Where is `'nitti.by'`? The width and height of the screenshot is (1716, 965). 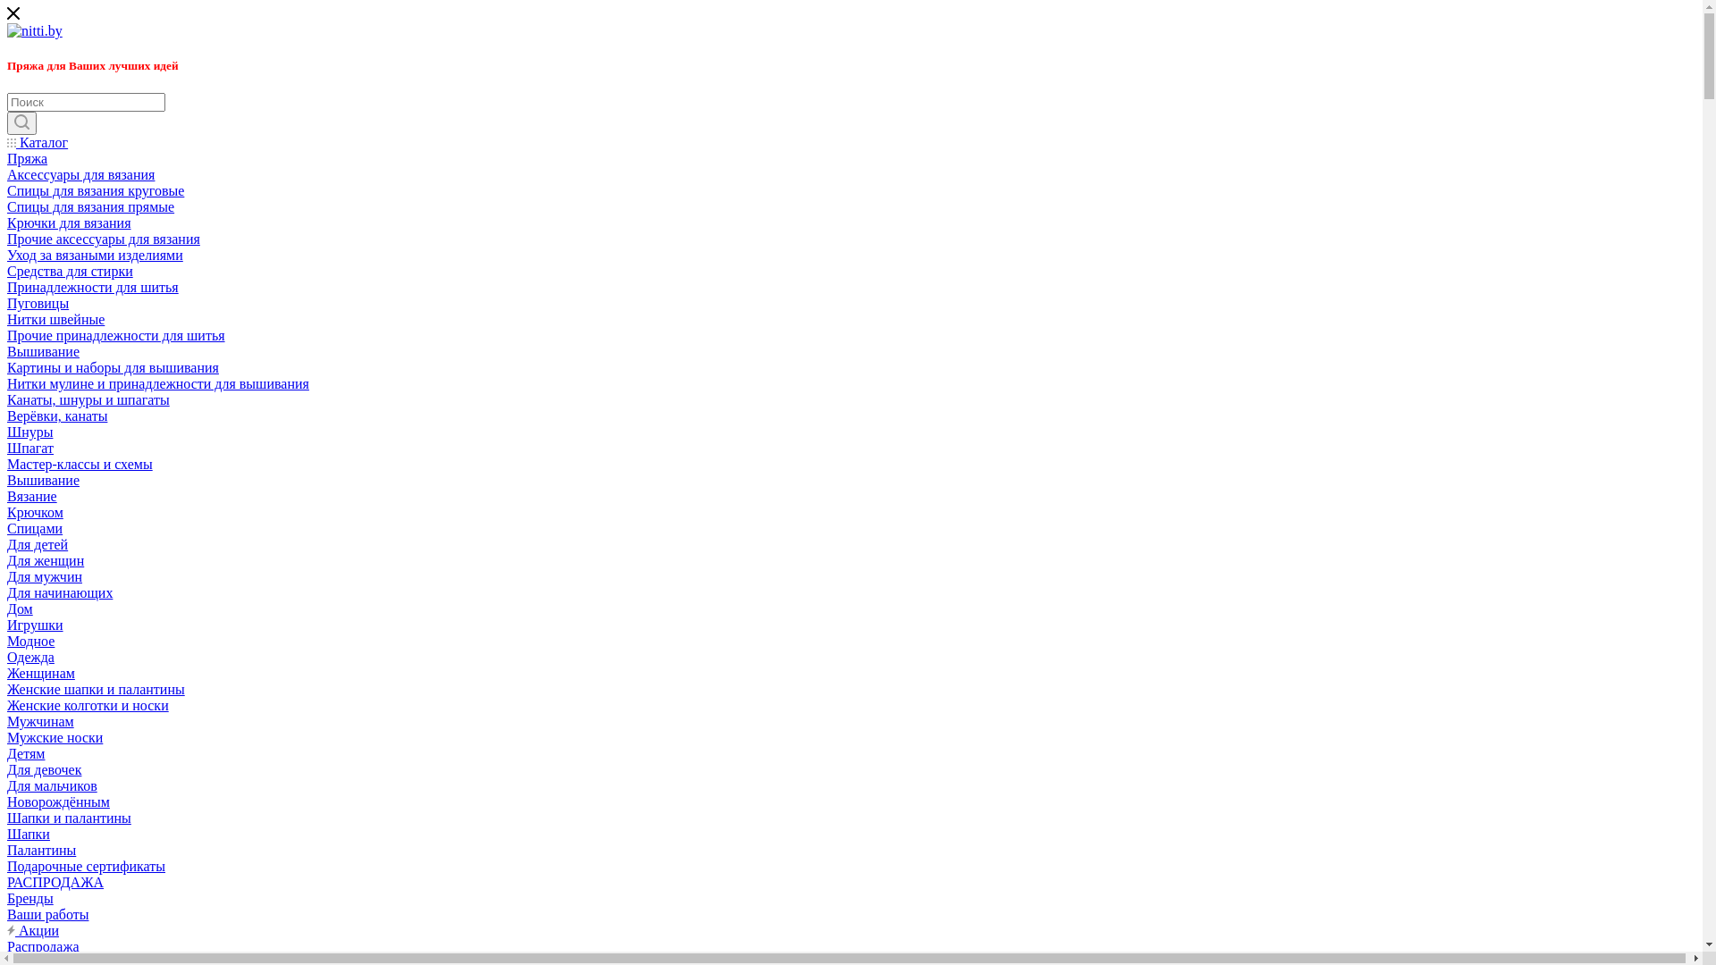
'nitti.by' is located at coordinates (34, 30).